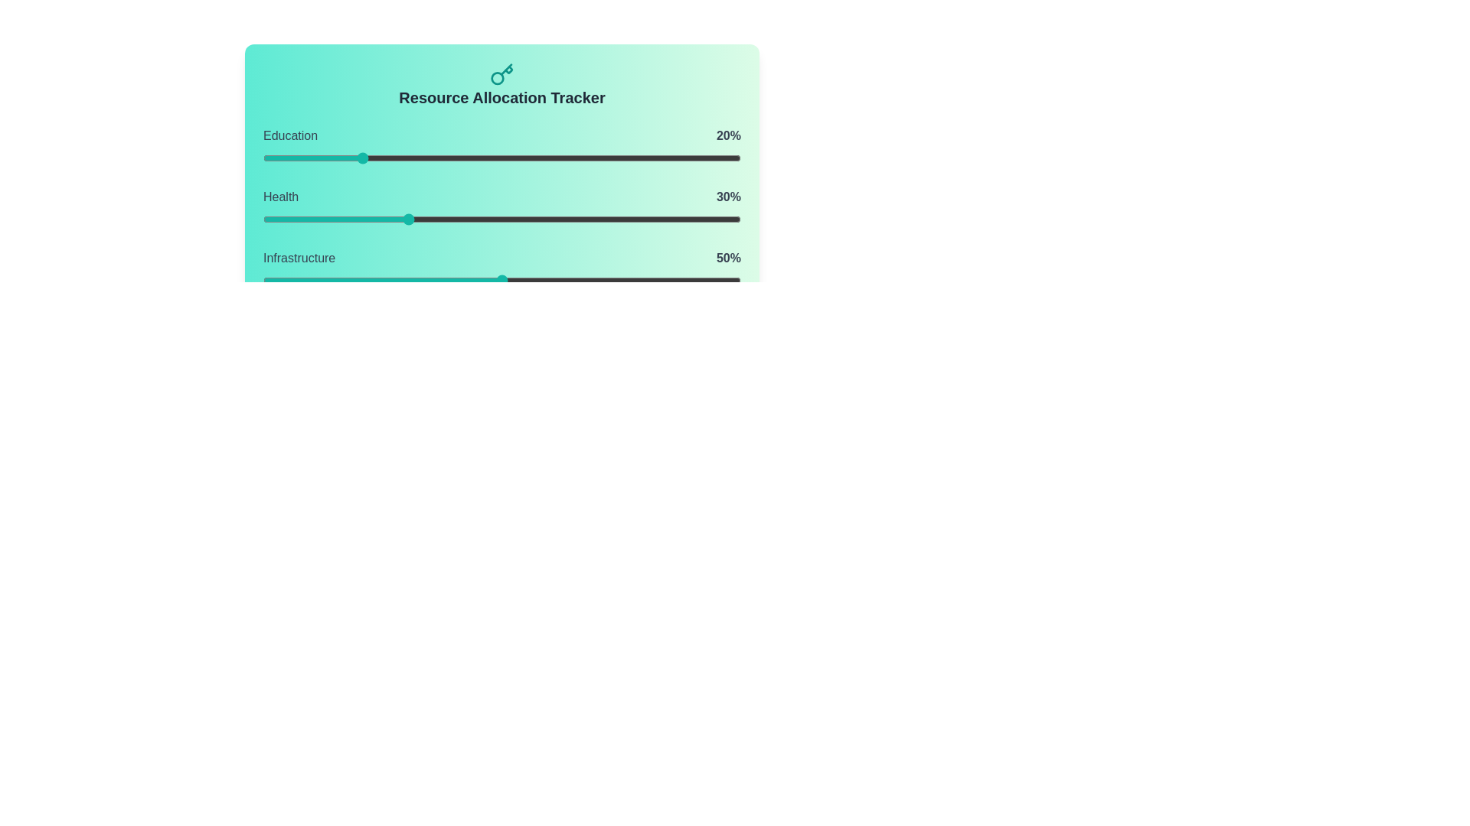 The image size is (1470, 826). What do you see at coordinates (721, 280) in the screenshot?
I see `the Infrastructure slider to 96%` at bounding box center [721, 280].